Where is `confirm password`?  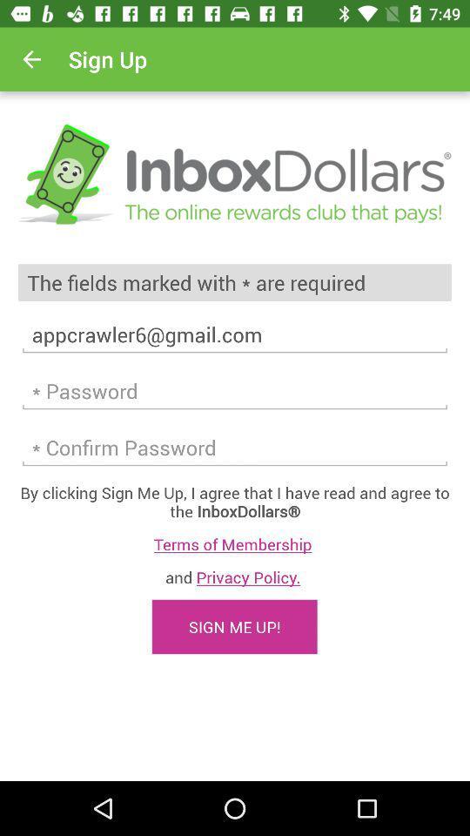 confirm password is located at coordinates (235, 447).